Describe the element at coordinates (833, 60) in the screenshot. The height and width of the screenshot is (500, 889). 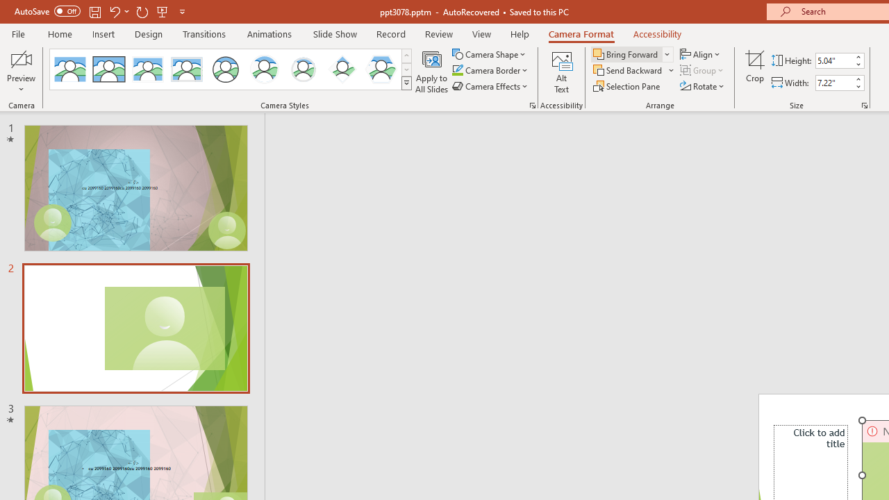
I see `'Cameo Height'` at that location.